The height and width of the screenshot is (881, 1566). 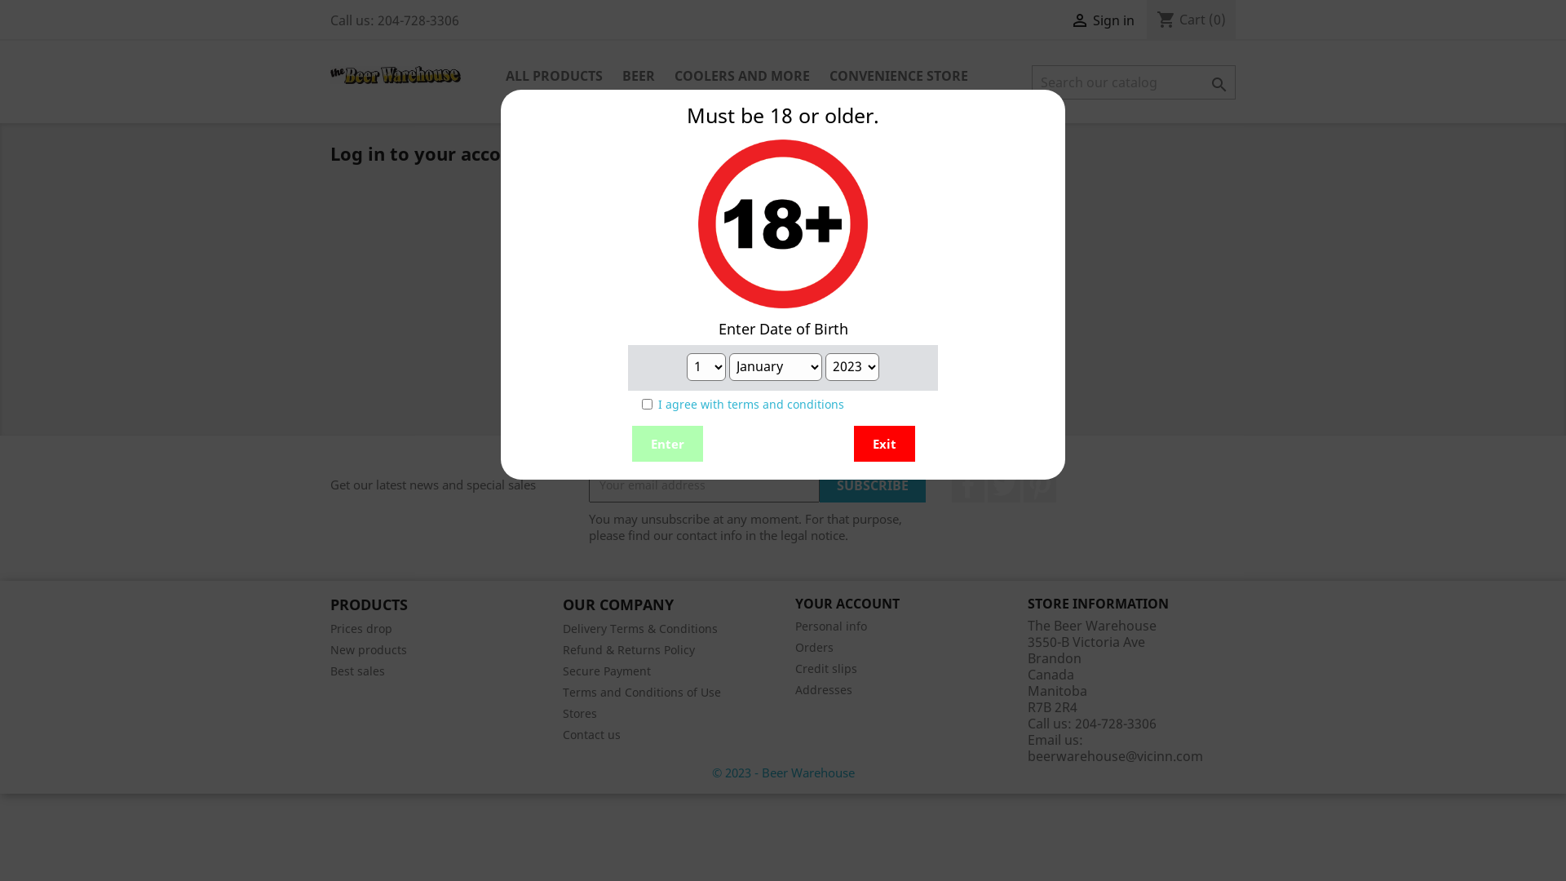 What do you see at coordinates (823, 689) in the screenshot?
I see `'Addresses'` at bounding box center [823, 689].